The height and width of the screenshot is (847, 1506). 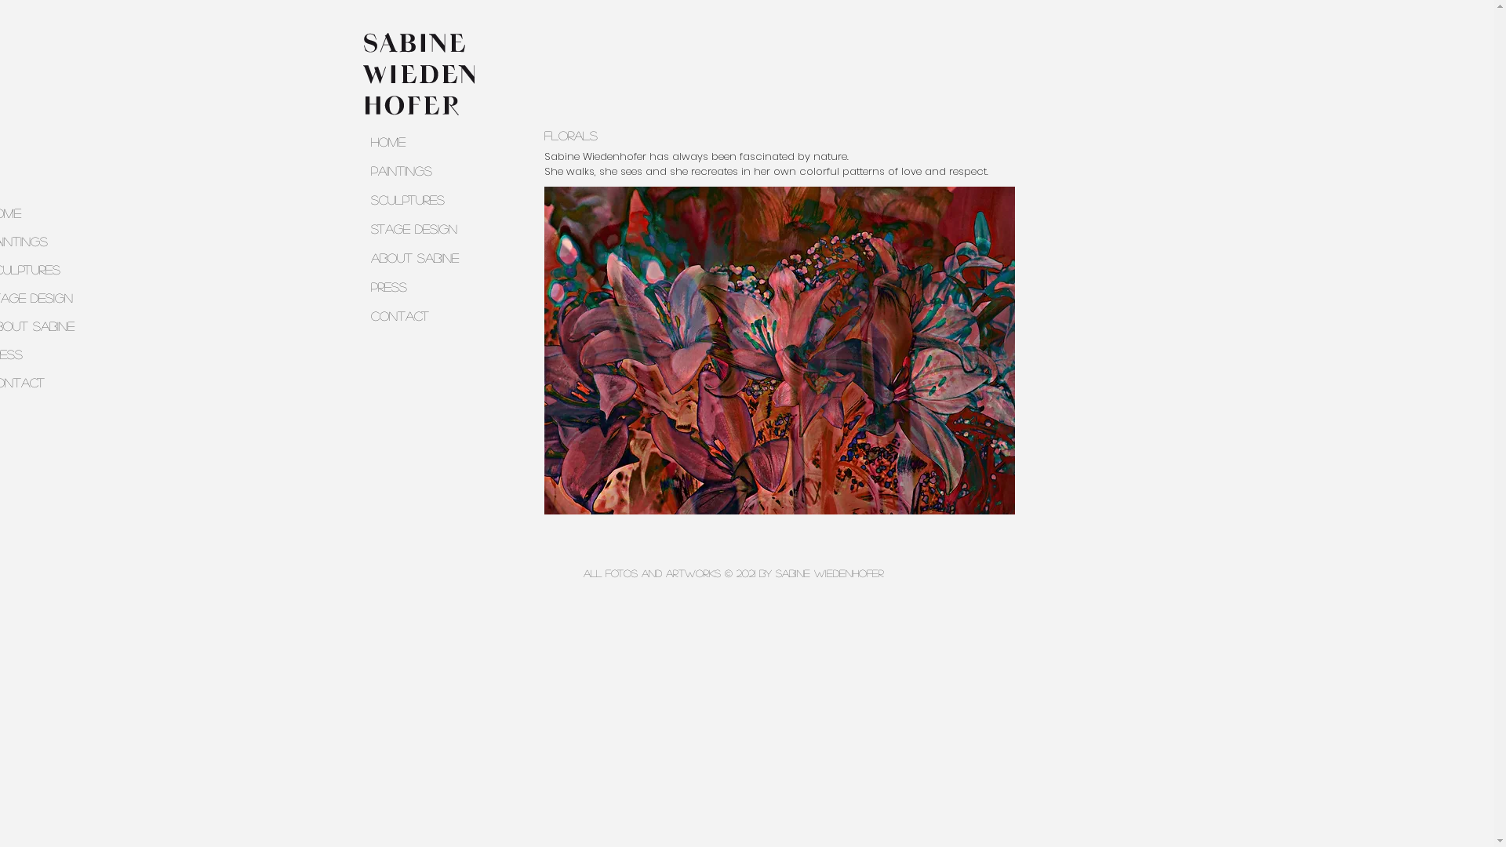 What do you see at coordinates (431, 256) in the screenshot?
I see `'About Sabine'` at bounding box center [431, 256].